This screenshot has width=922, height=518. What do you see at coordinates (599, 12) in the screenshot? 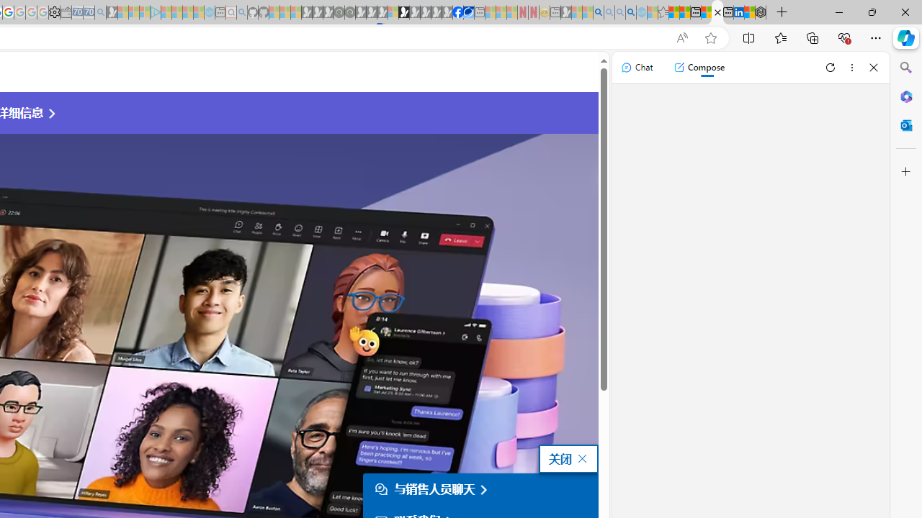
I see `'Bing AI - Search'` at bounding box center [599, 12].